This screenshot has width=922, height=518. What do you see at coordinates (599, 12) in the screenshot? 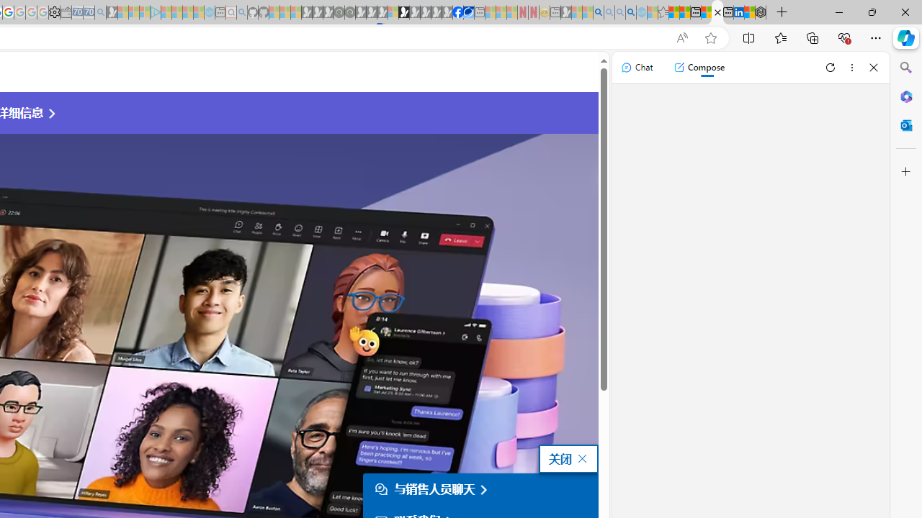
I see `'Bing AI - Search'` at bounding box center [599, 12].